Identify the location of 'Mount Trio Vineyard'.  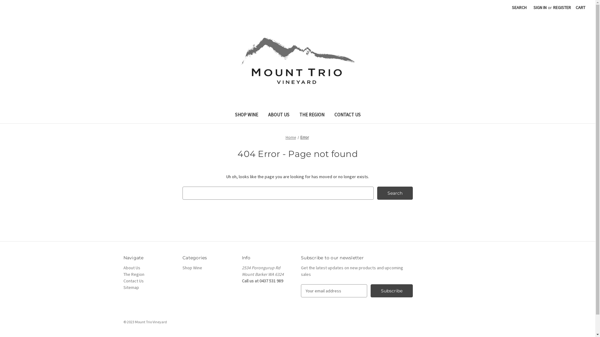
(297, 60).